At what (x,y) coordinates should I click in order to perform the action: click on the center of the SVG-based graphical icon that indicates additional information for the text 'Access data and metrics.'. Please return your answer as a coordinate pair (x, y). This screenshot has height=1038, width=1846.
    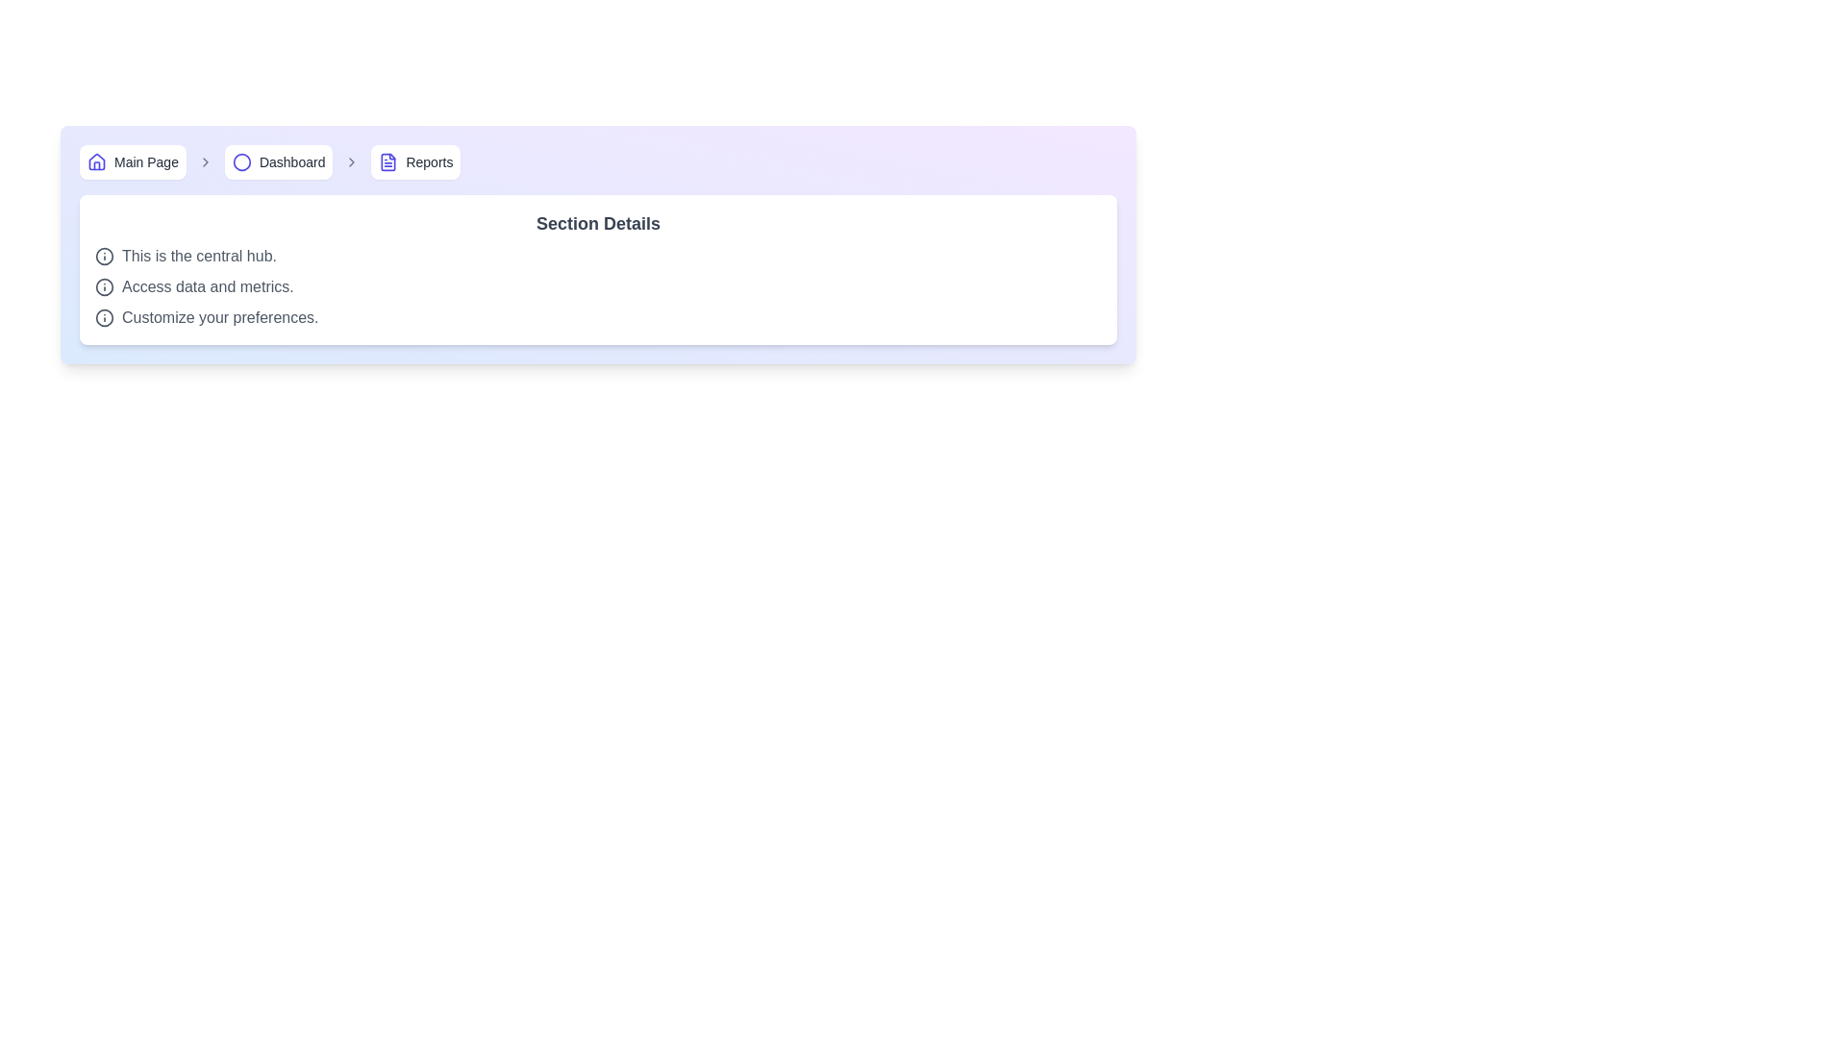
    Looking at the image, I should click on (104, 287).